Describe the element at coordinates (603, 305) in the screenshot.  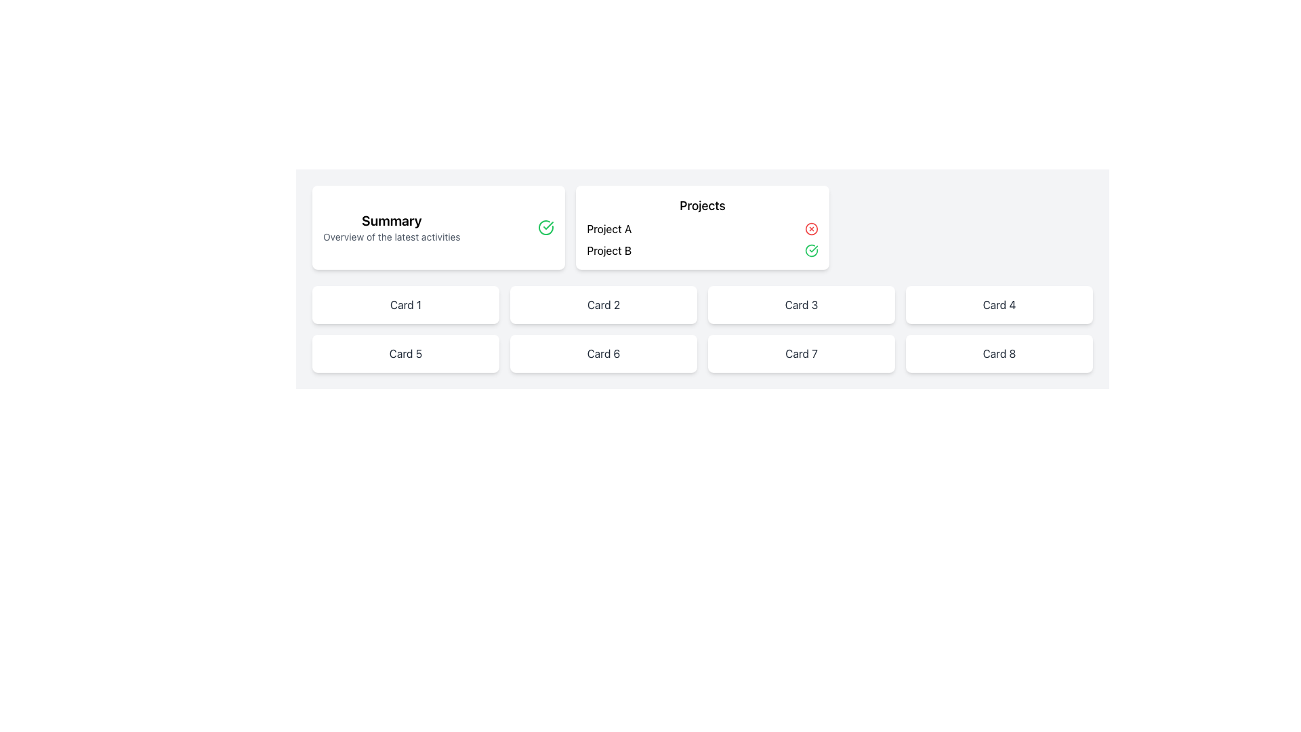
I see `the Text label that serves as a title or identifier for the card in the second column of the first row of the grid layout` at that location.